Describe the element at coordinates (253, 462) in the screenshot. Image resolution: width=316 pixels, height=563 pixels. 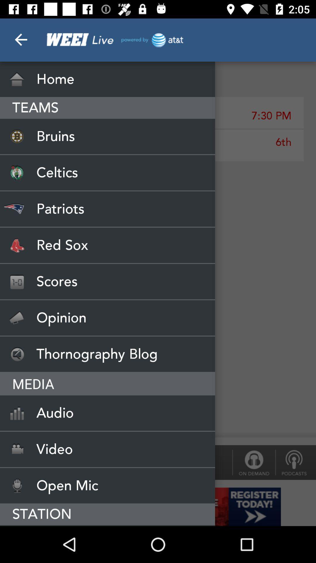
I see `the info icon` at that location.